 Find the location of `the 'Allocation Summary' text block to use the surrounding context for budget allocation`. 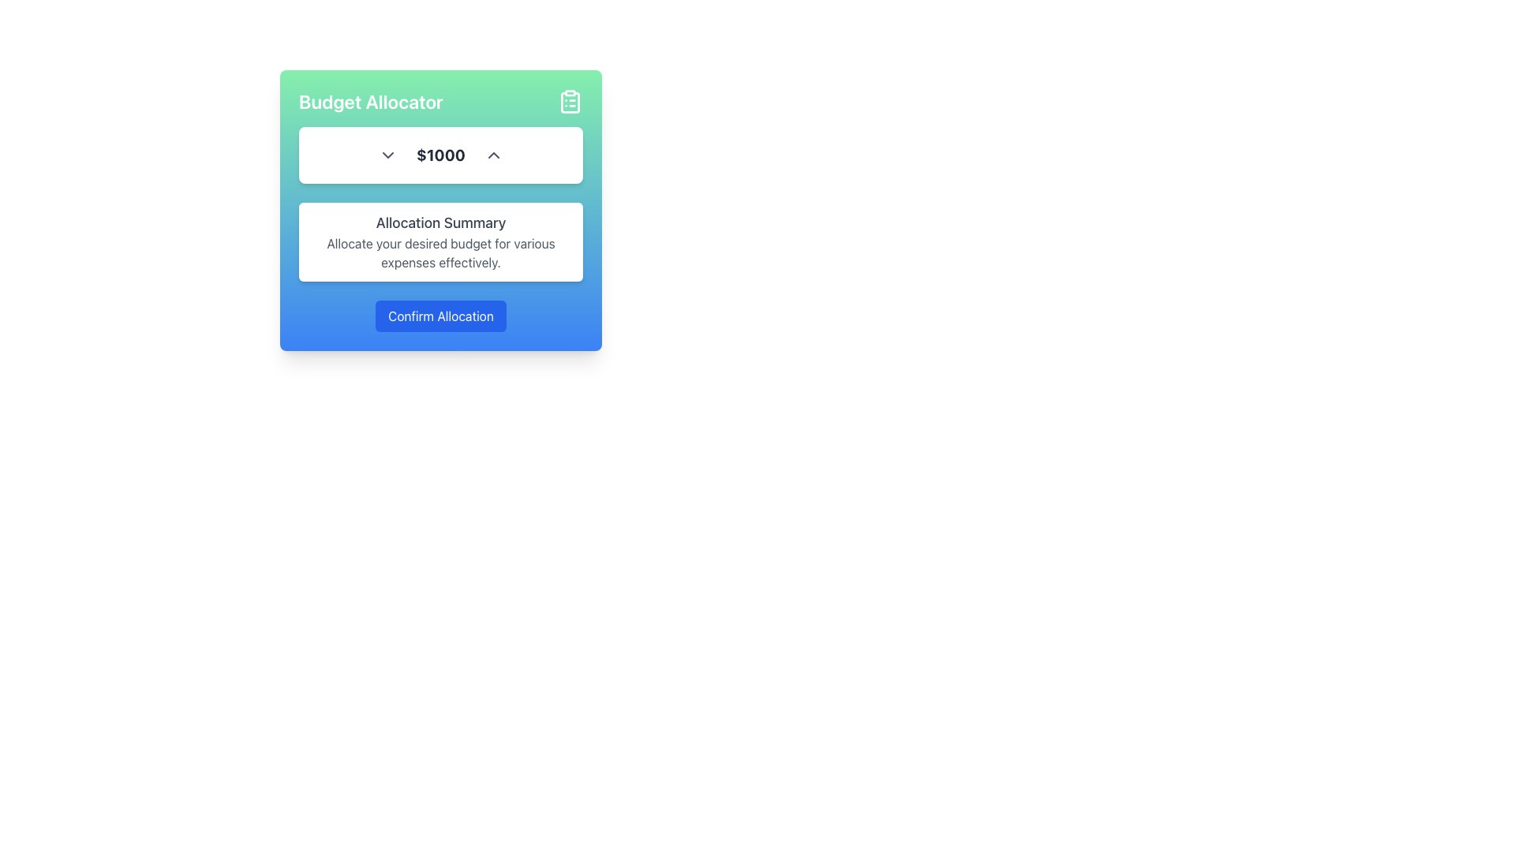

the 'Allocation Summary' text block to use the surrounding context for budget allocation is located at coordinates (440, 229).